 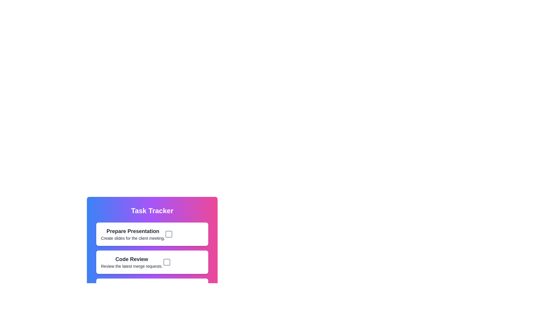 I want to click on the text label displaying 'Review the latest merge requests.' located below the 'Code Review' title in the second task card of the 'Task Tracker' module, so click(x=131, y=266).